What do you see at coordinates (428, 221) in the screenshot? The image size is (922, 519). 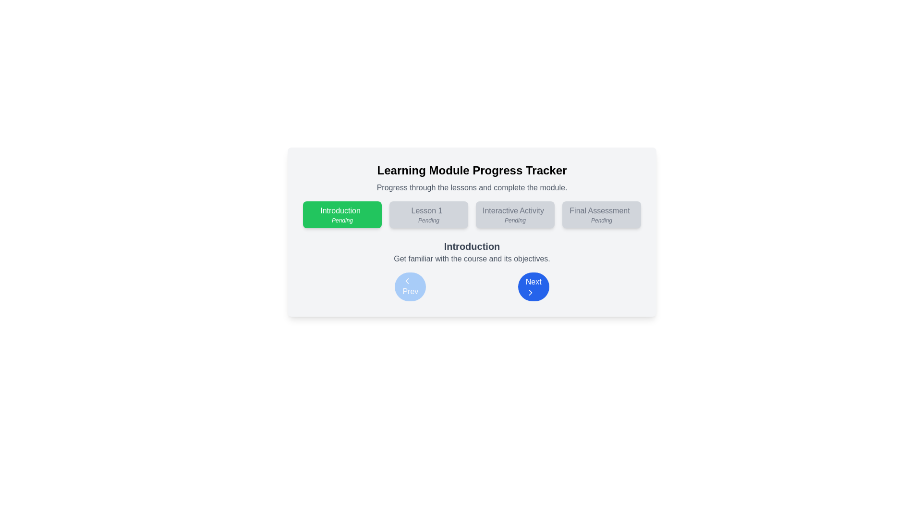 I see `the second text element inside the button for 'Lesson 1,' which indicates that it is currently in a pending state` at bounding box center [428, 221].